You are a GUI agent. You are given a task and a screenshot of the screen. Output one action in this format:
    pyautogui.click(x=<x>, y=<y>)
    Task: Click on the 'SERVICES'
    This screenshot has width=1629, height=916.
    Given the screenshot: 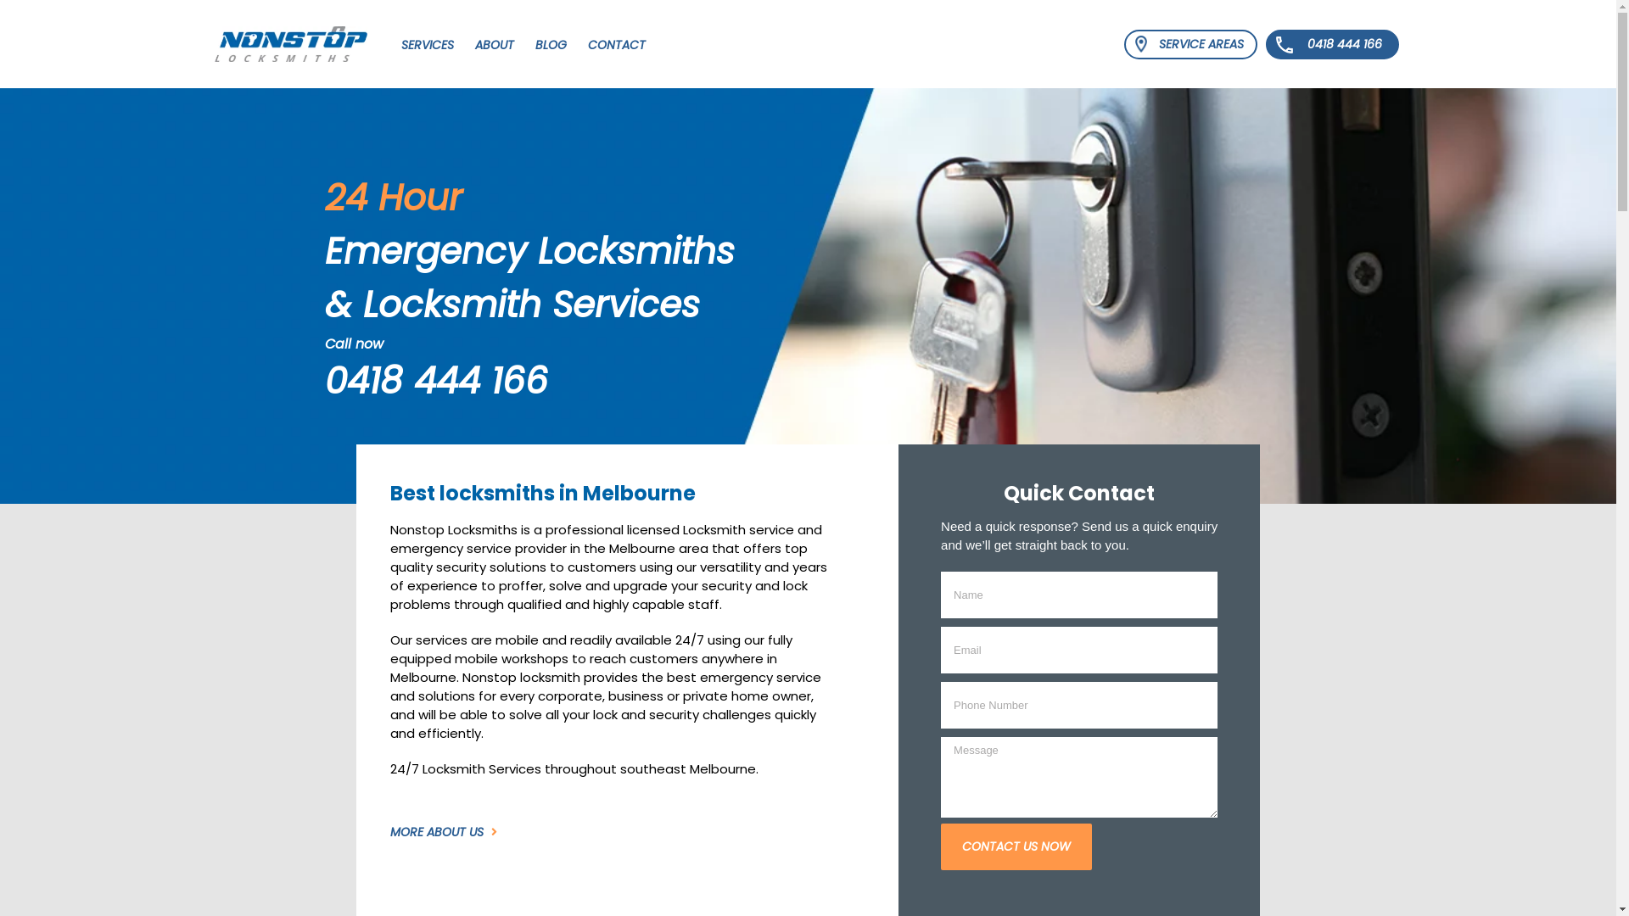 What is the action you would take?
    pyautogui.click(x=427, y=42)
    